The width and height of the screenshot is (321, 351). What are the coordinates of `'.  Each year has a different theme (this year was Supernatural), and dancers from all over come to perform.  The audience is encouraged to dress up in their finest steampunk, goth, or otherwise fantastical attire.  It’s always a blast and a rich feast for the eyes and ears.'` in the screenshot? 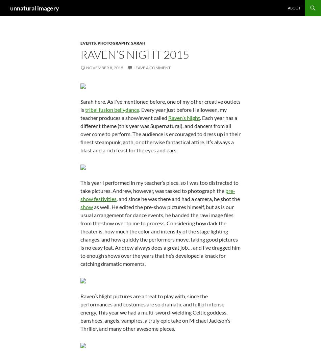 It's located at (160, 133).